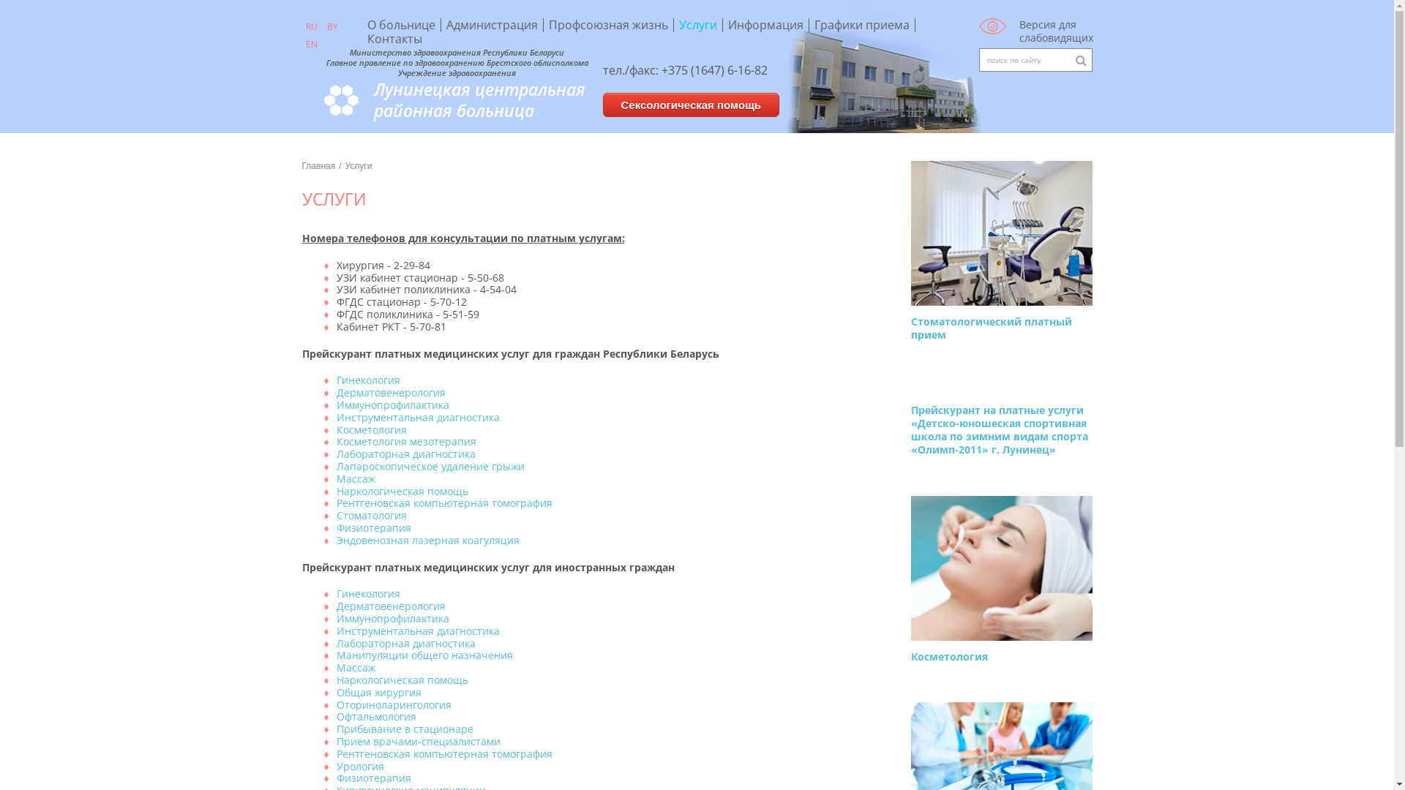  I want to click on 'BY', so click(331, 27).